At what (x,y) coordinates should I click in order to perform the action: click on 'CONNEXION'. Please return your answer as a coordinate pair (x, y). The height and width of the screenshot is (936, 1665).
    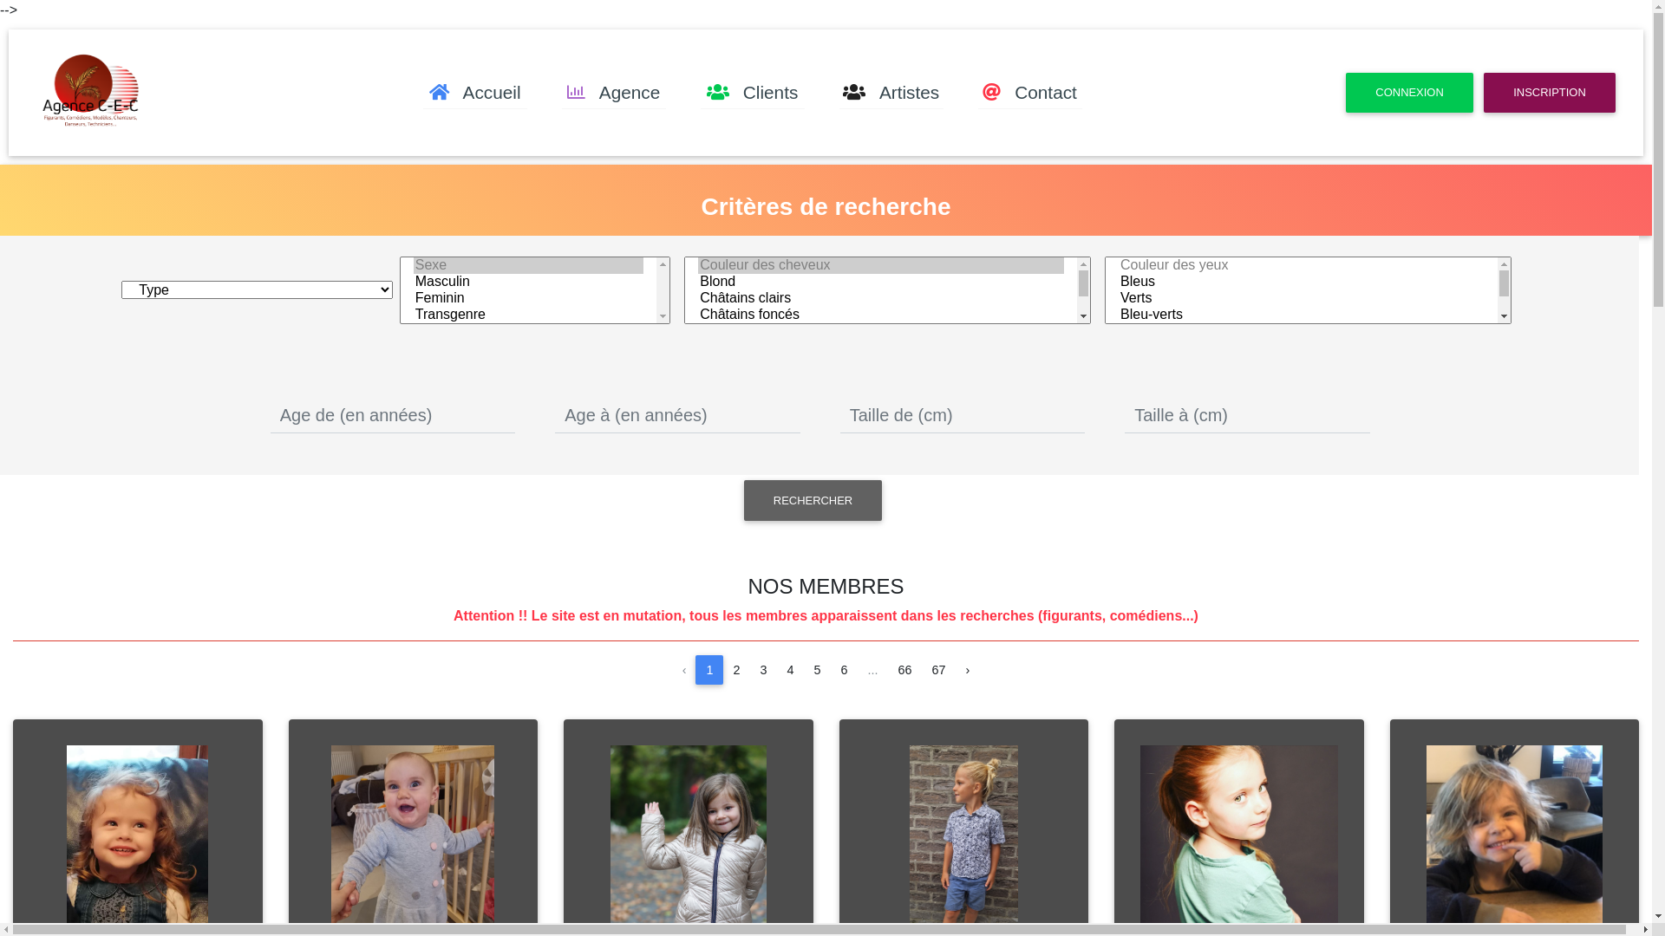
    Looking at the image, I should click on (1409, 93).